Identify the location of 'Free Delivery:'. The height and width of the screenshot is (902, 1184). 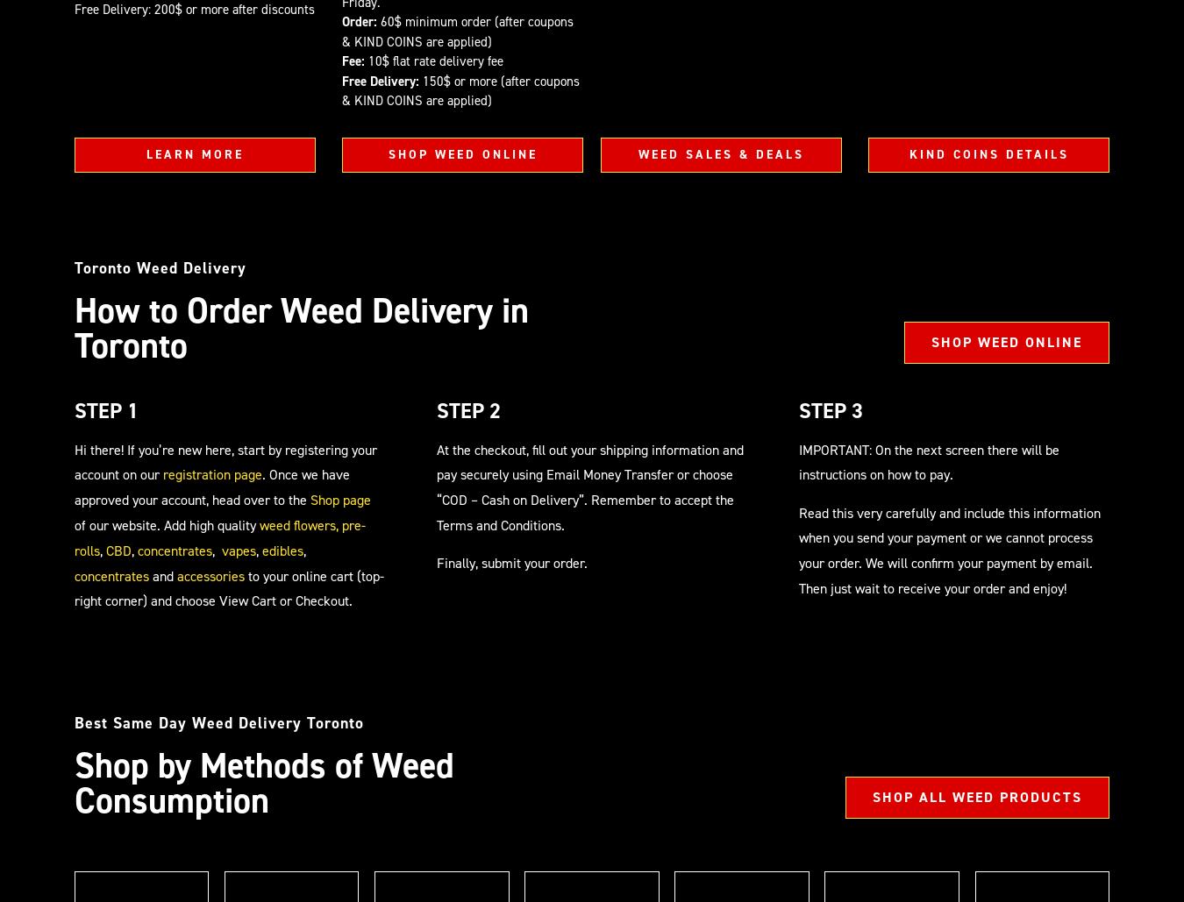
(342, 79).